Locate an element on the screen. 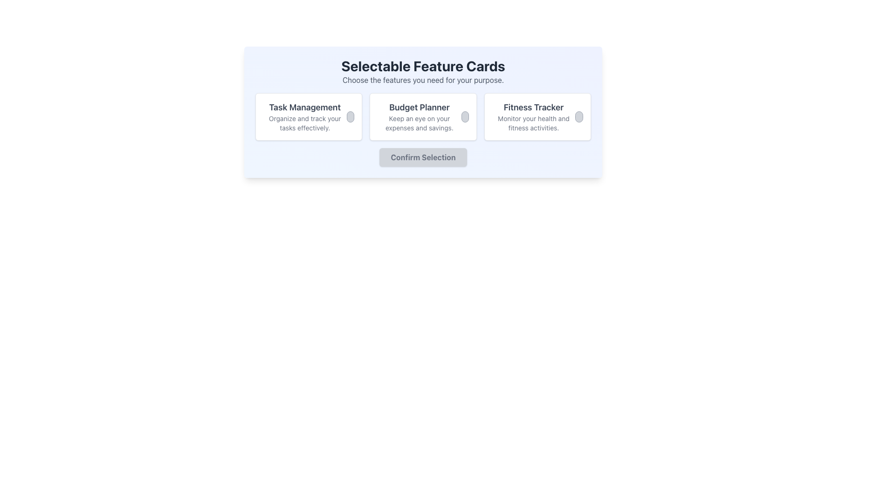  the text label that reads 'Organize and track your tasks effectively.' located below the 'Task Management' label in the first card on the left is located at coordinates (305, 123).